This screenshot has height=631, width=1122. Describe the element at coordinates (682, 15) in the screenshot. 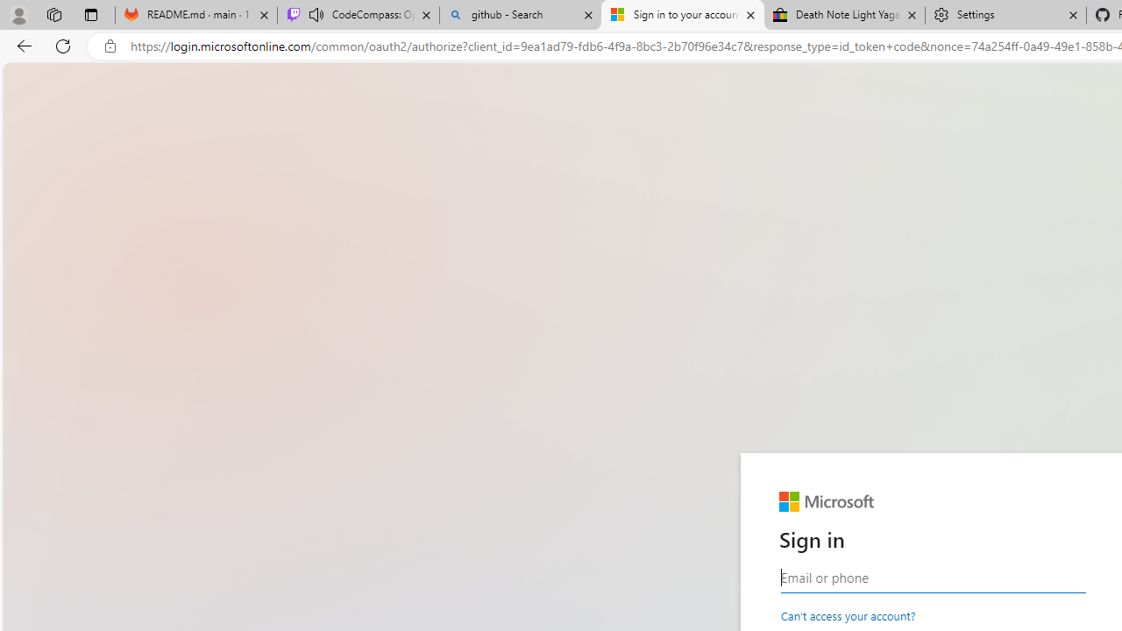

I see `'Sign in to your account'` at that location.